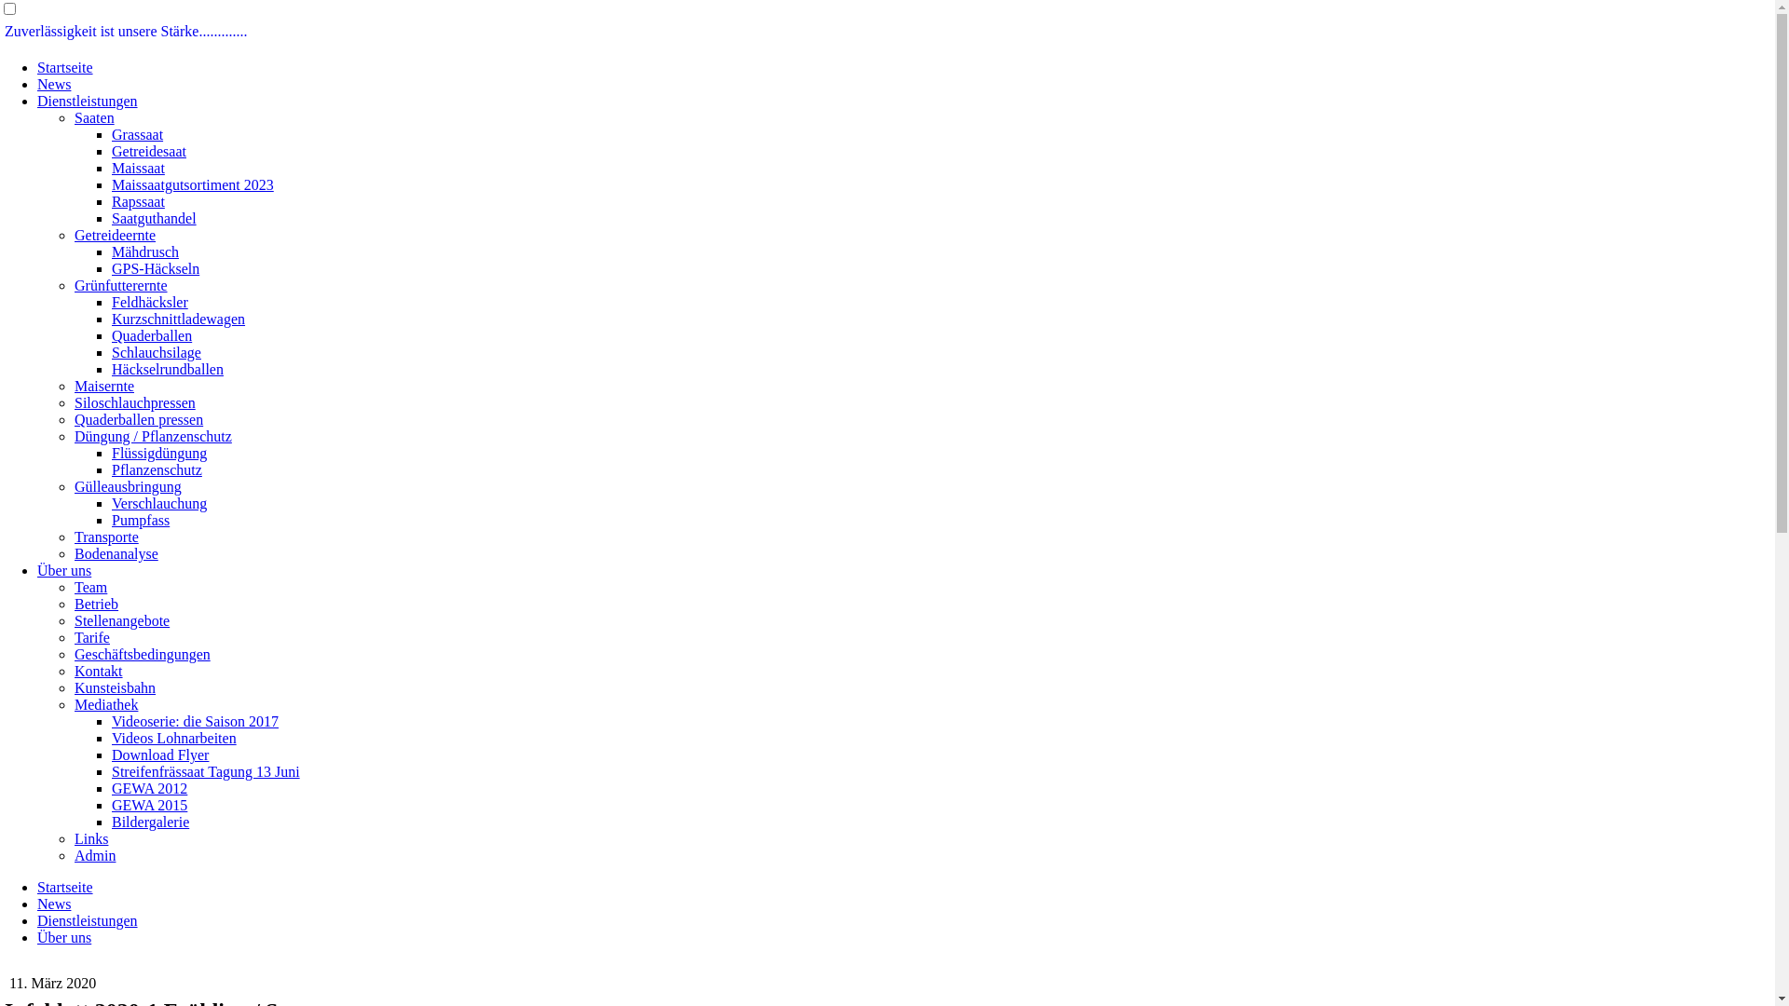  Describe the element at coordinates (192, 184) in the screenshot. I see `'Maissaatgutsortiment 2023'` at that location.